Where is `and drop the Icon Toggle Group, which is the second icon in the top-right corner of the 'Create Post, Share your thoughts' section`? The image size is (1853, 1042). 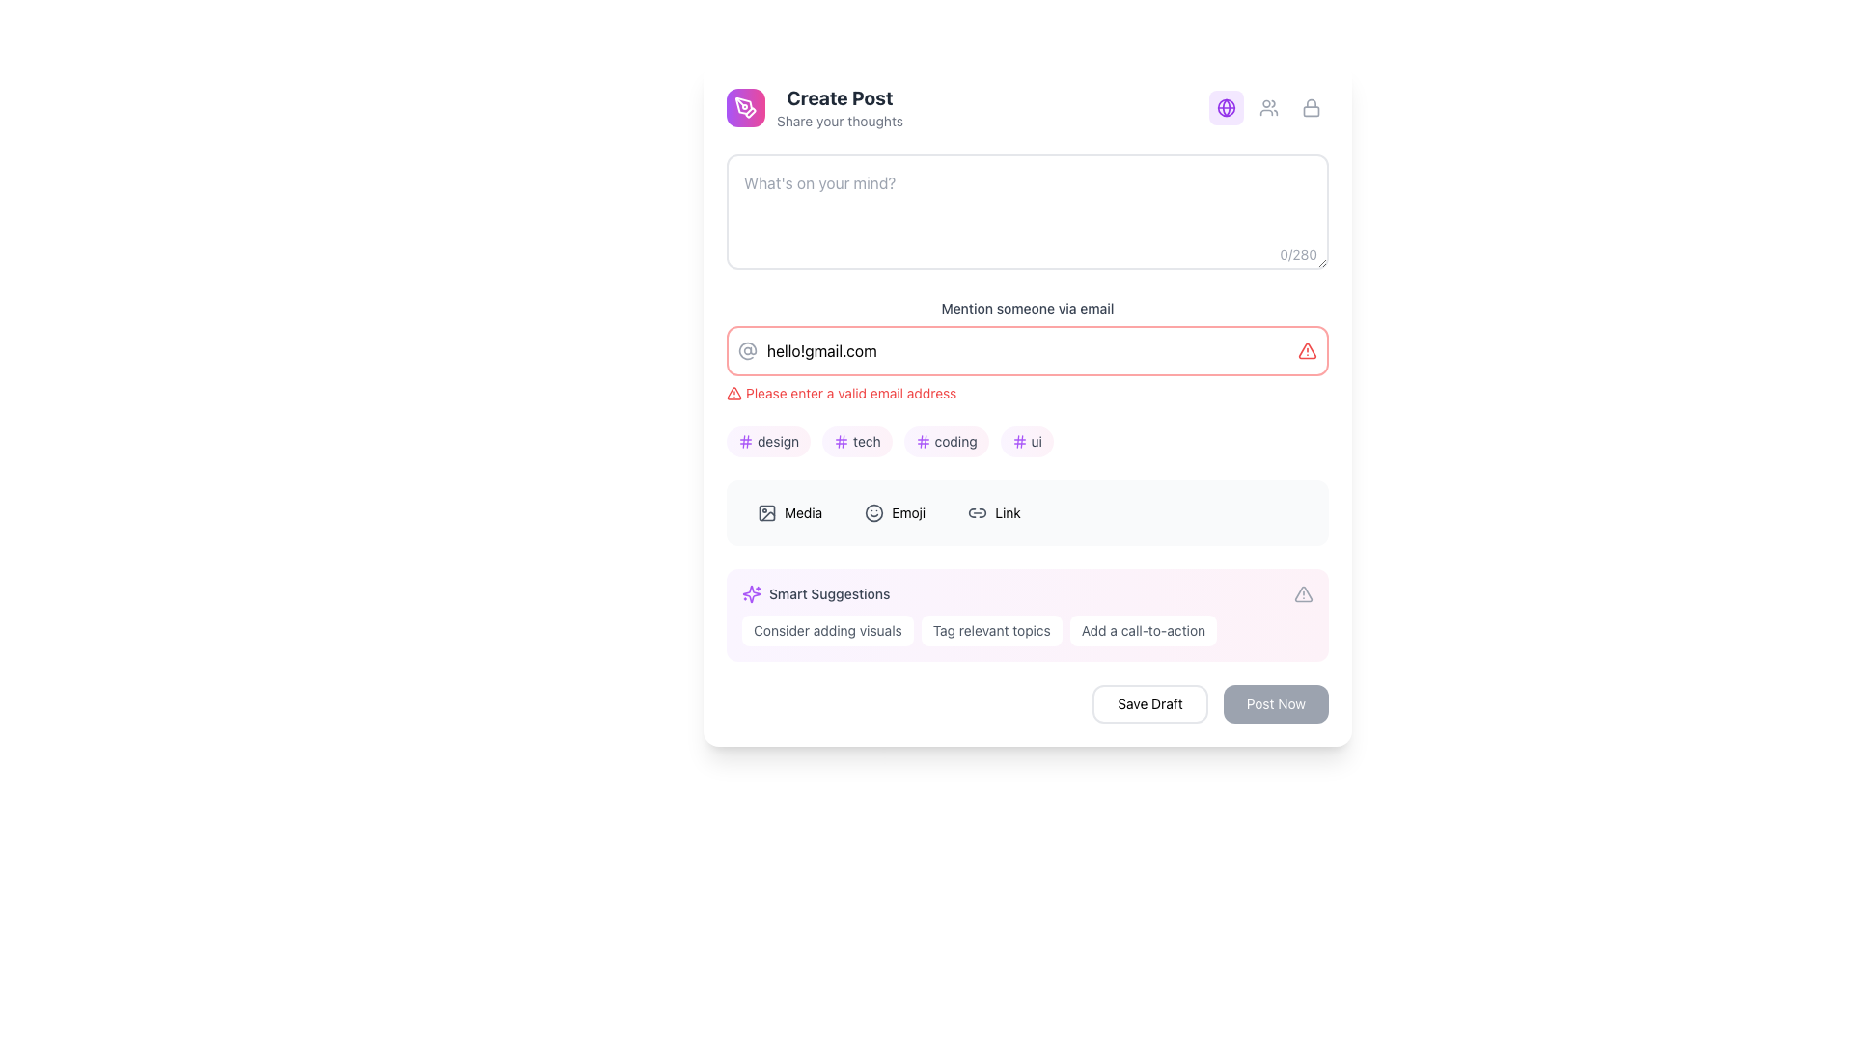
and drop the Icon Toggle Group, which is the second icon in the top-right corner of the 'Create Post, Share your thoughts' section is located at coordinates (1269, 107).